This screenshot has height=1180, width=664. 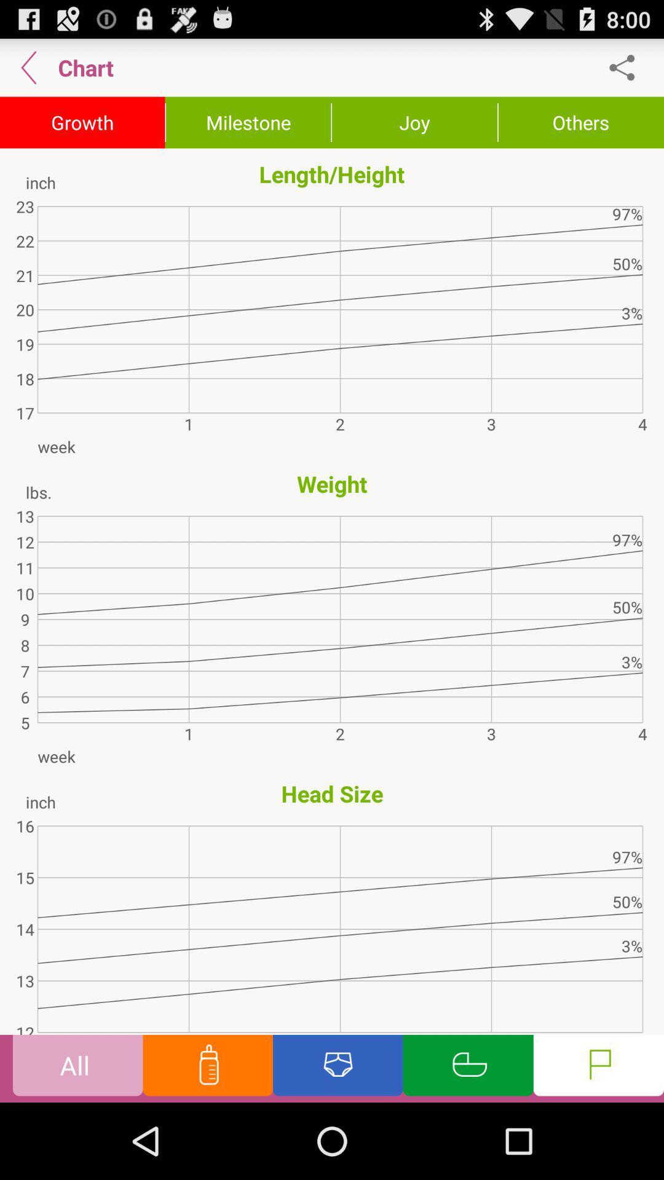 What do you see at coordinates (628, 67) in the screenshot?
I see `button above the others` at bounding box center [628, 67].